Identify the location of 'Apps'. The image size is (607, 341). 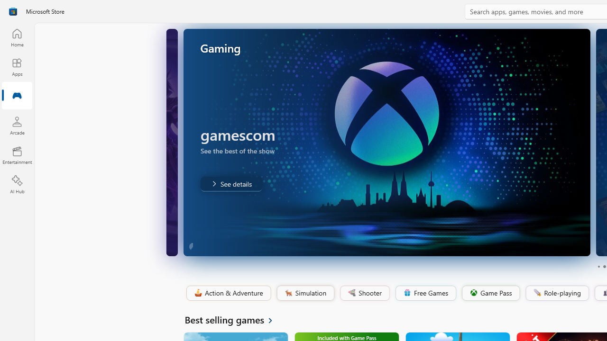
(17, 66).